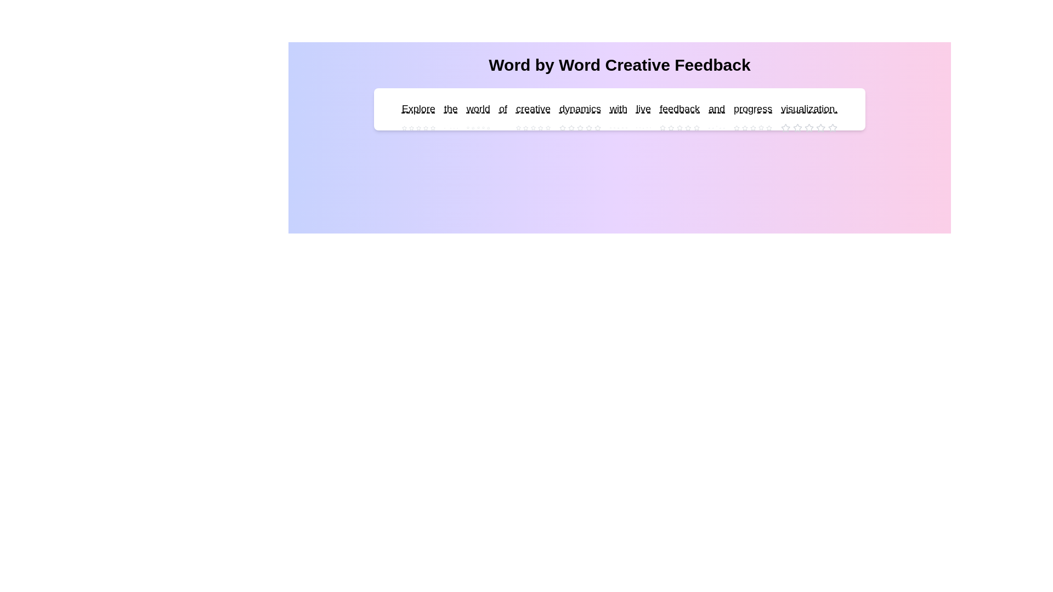  What do you see at coordinates (579, 109) in the screenshot?
I see `the word 'dynamics' to see its interactive area` at bounding box center [579, 109].